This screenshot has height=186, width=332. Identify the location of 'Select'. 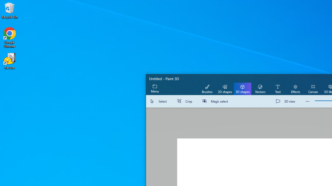
(159, 101).